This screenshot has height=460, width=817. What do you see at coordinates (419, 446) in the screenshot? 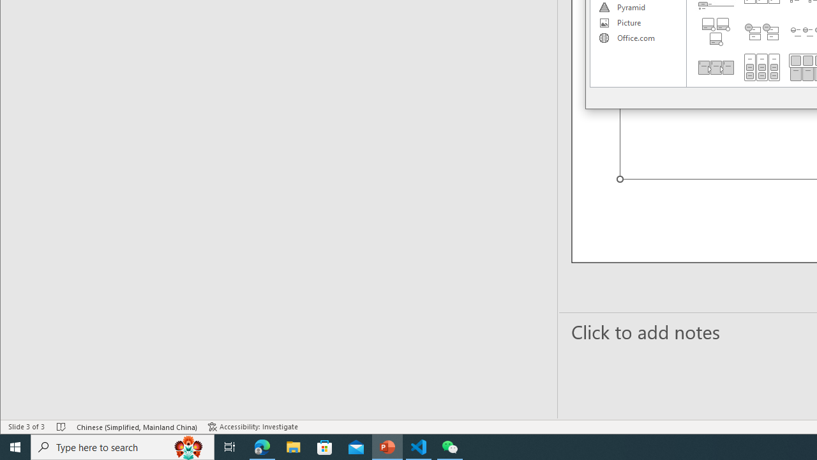
I see `'Visual Studio Code - 1 running window'` at bounding box center [419, 446].